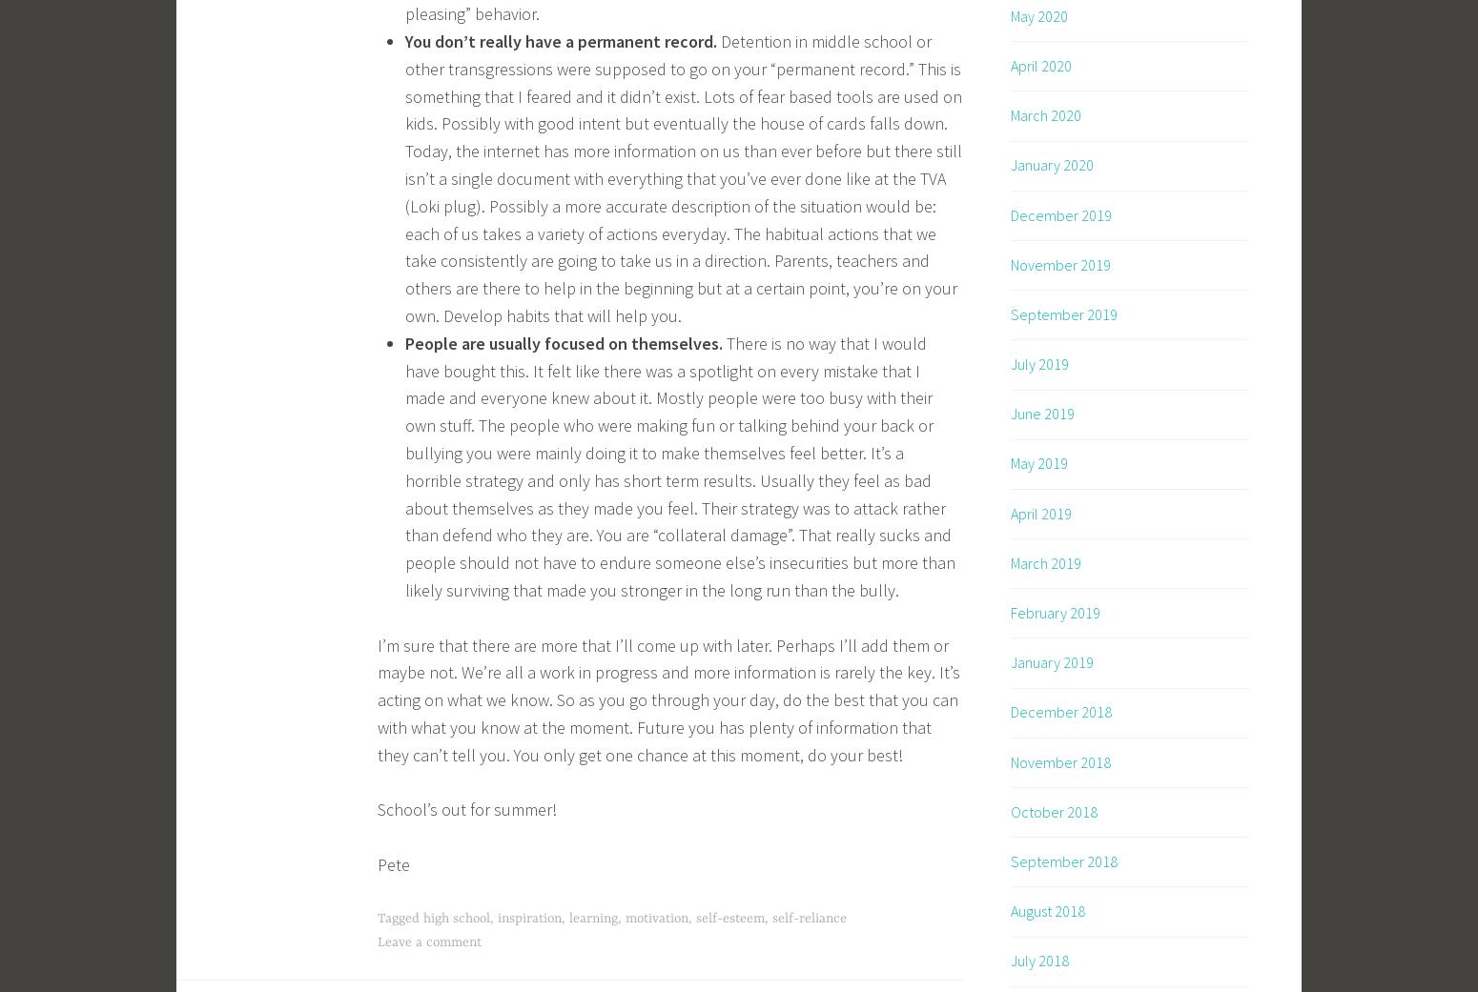 The width and height of the screenshot is (1478, 992). I want to click on 'May 2020', so click(1037, 14).